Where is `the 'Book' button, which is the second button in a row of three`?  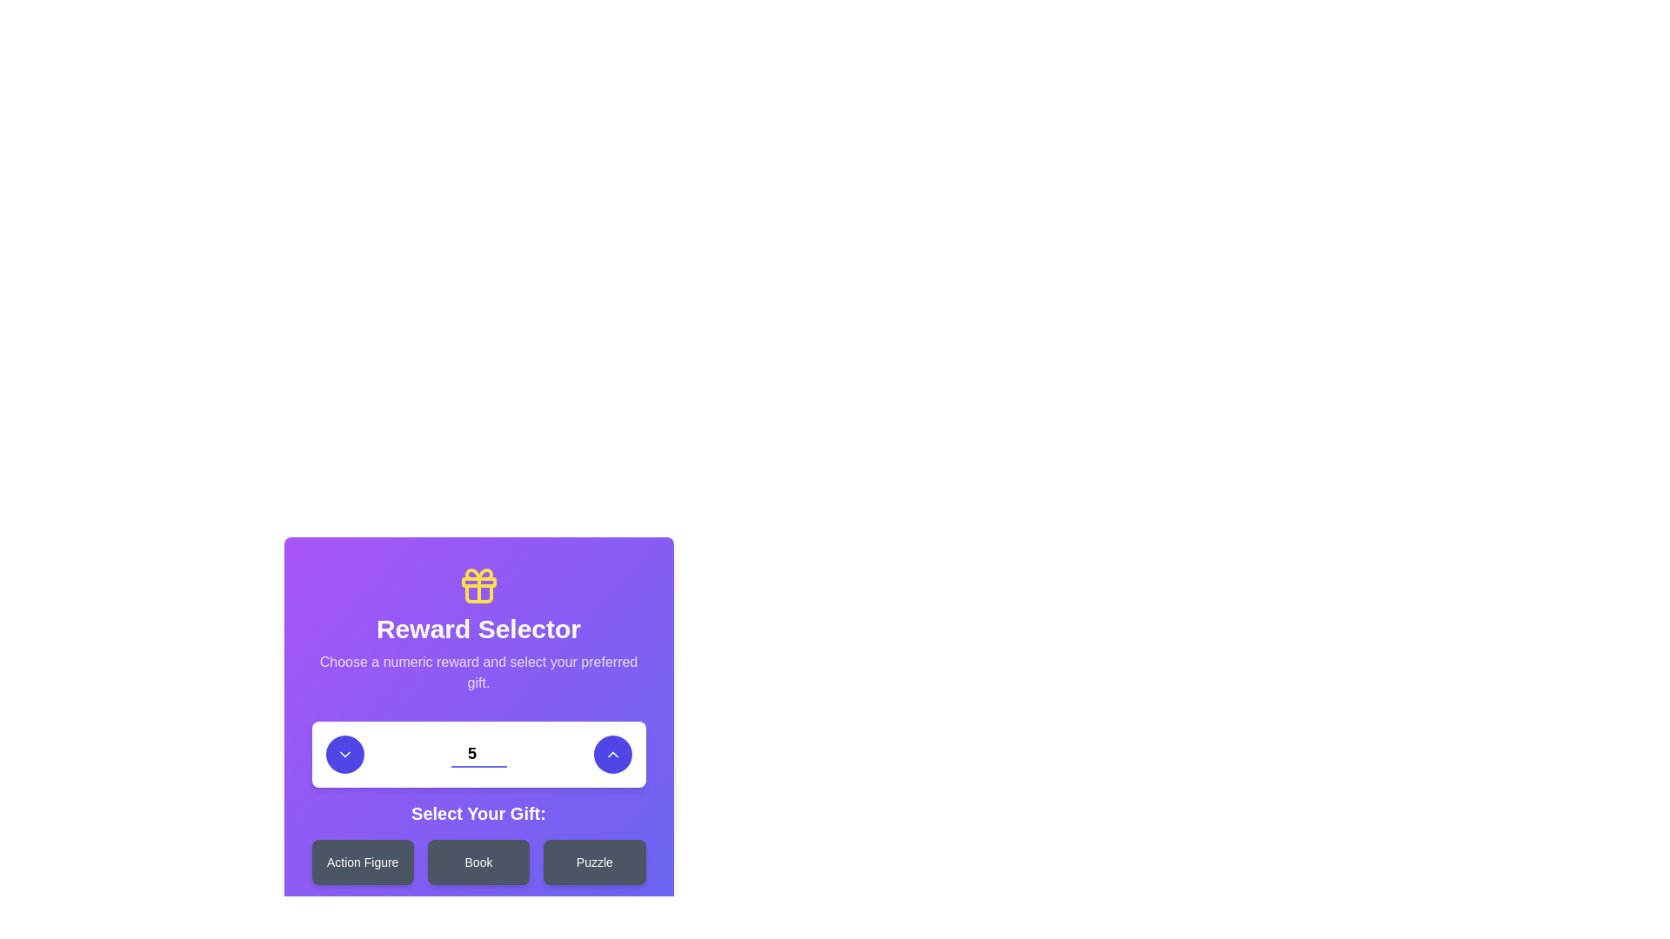
the 'Book' button, which is the second button in a row of three is located at coordinates (478, 862).